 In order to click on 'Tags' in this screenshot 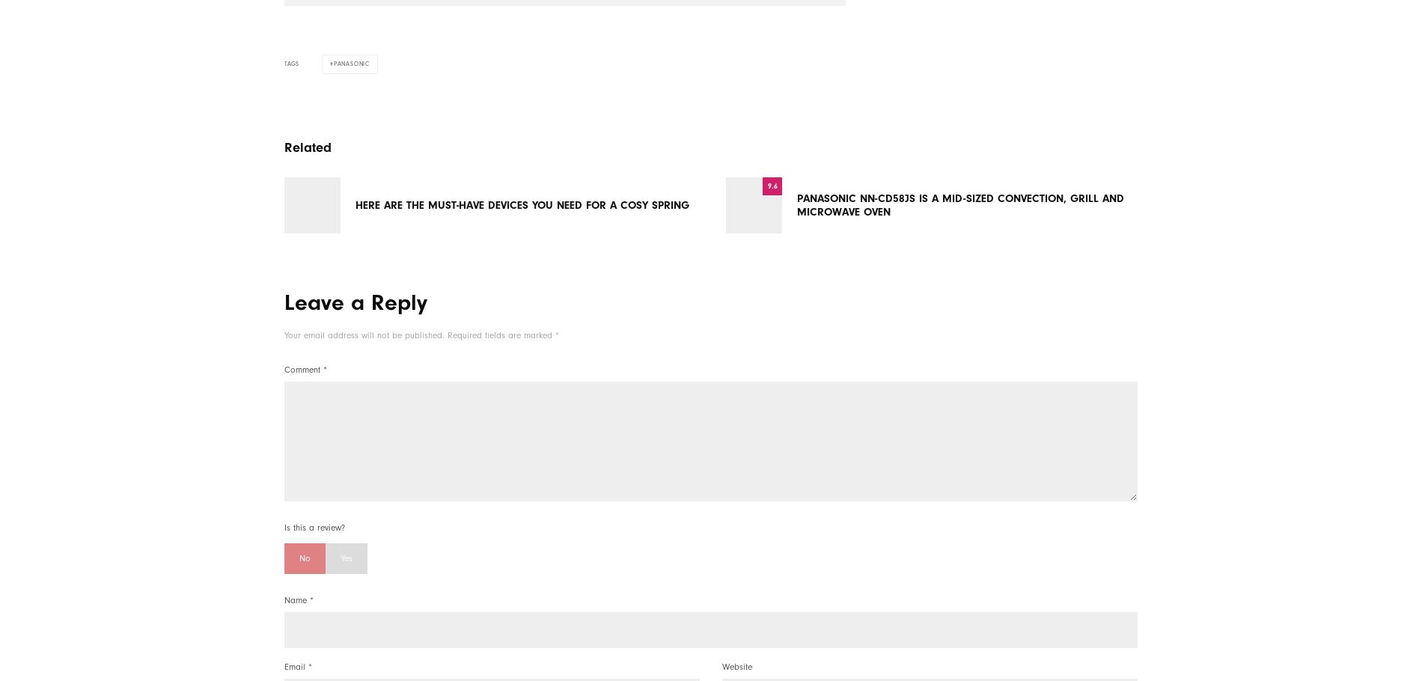, I will do `click(284, 63)`.